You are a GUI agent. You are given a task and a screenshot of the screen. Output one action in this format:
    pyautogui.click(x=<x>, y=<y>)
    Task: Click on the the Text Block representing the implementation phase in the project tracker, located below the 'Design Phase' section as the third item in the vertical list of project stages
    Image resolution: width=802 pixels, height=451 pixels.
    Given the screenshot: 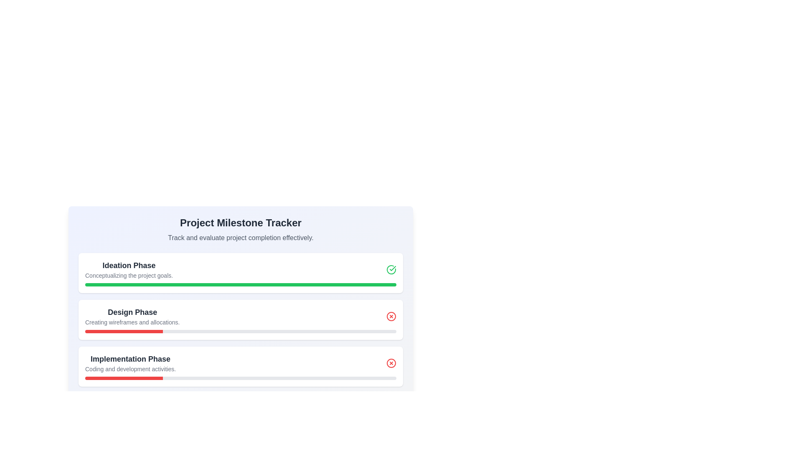 What is the action you would take?
    pyautogui.click(x=130, y=363)
    